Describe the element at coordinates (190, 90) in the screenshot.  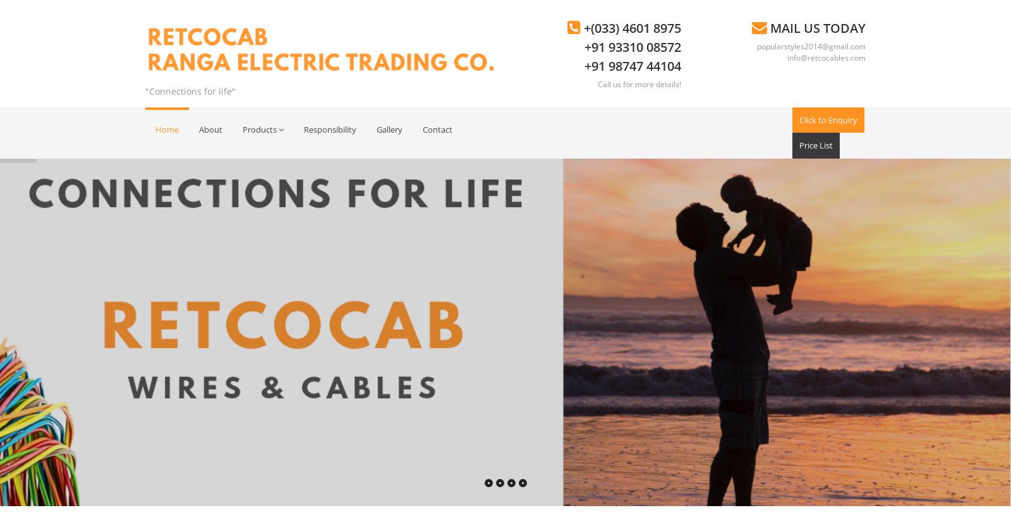
I see `'"Connections for life"'` at that location.